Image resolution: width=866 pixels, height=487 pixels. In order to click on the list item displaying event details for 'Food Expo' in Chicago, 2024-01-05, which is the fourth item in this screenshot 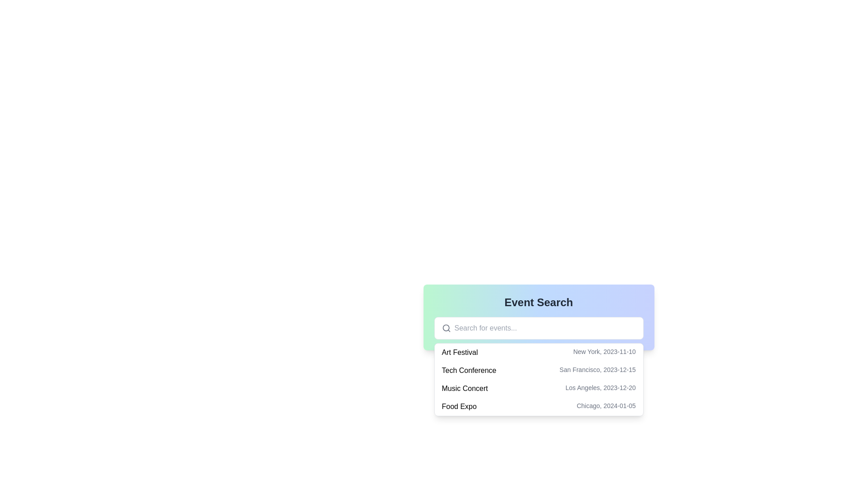, I will do `click(539, 407)`.